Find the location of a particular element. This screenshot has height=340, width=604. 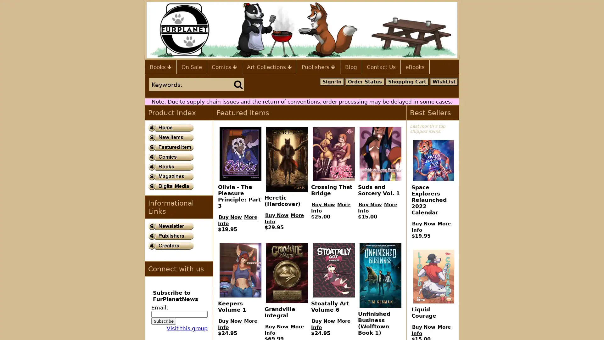

Subscribe is located at coordinates (164, 321).